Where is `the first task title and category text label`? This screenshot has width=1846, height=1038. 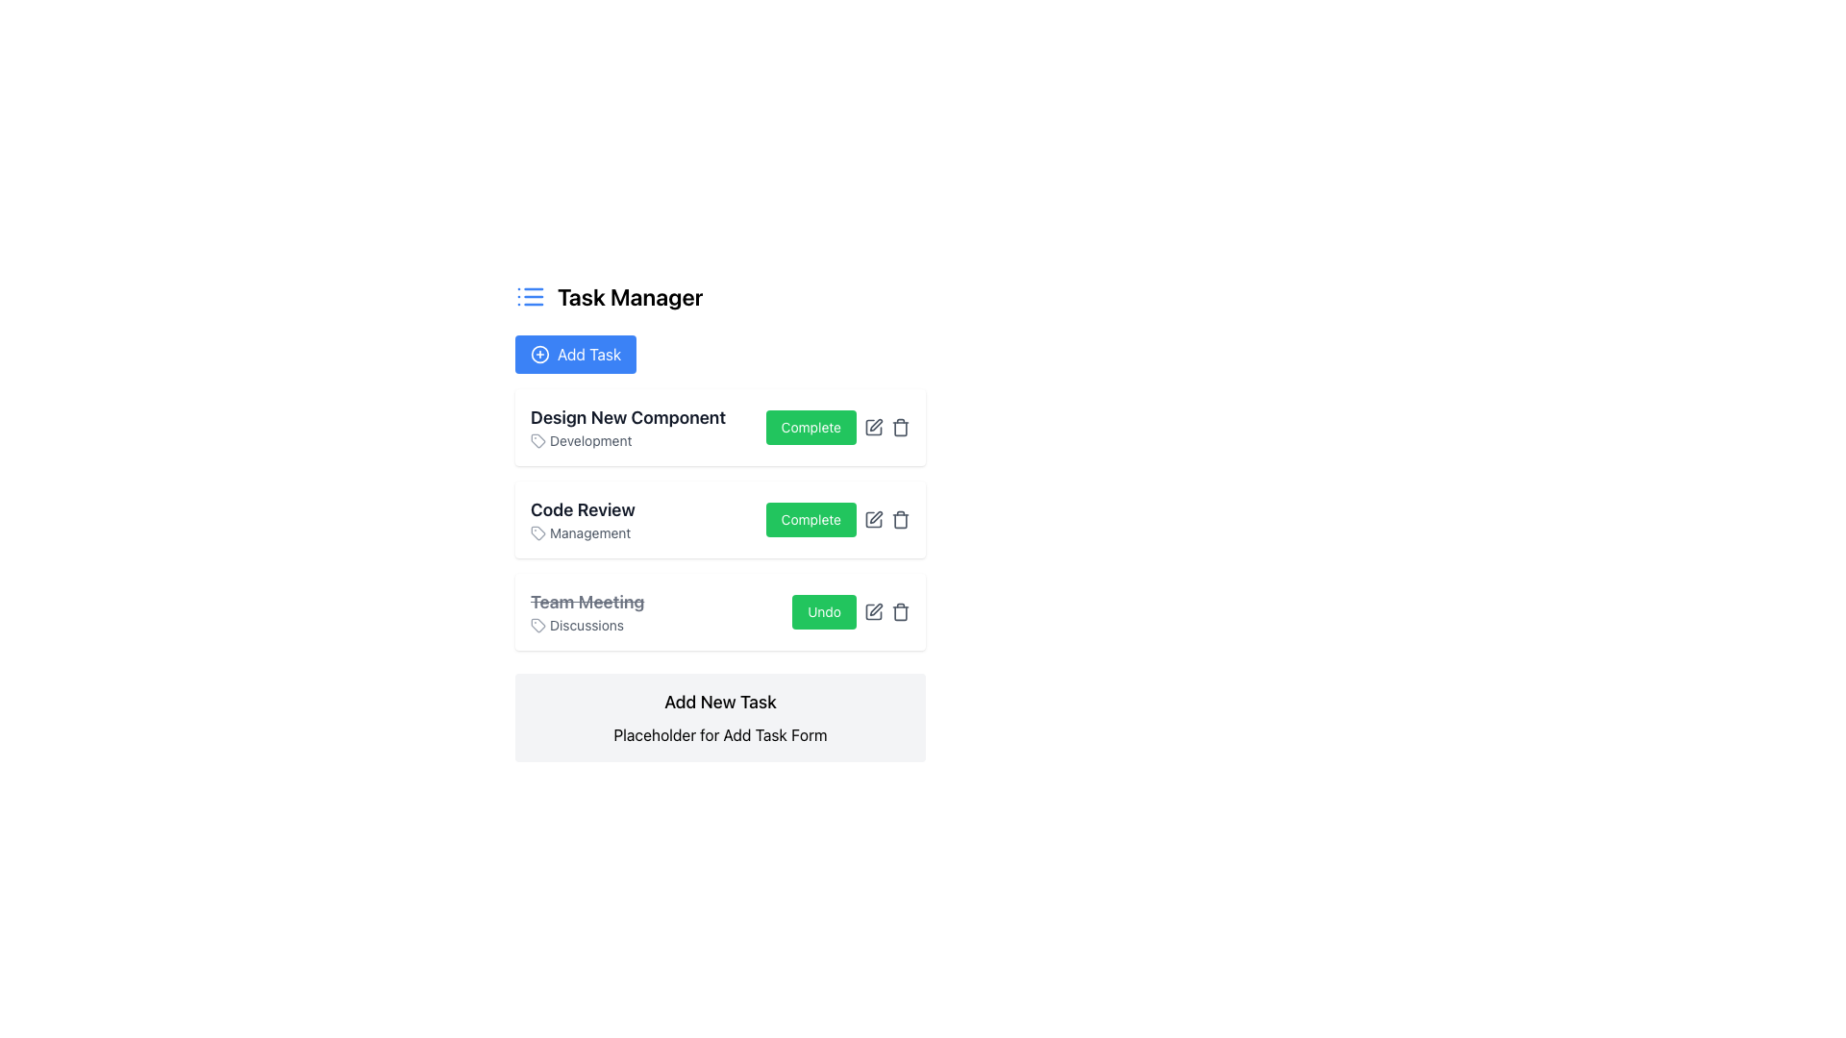
the first task title and category text label is located at coordinates (628, 426).